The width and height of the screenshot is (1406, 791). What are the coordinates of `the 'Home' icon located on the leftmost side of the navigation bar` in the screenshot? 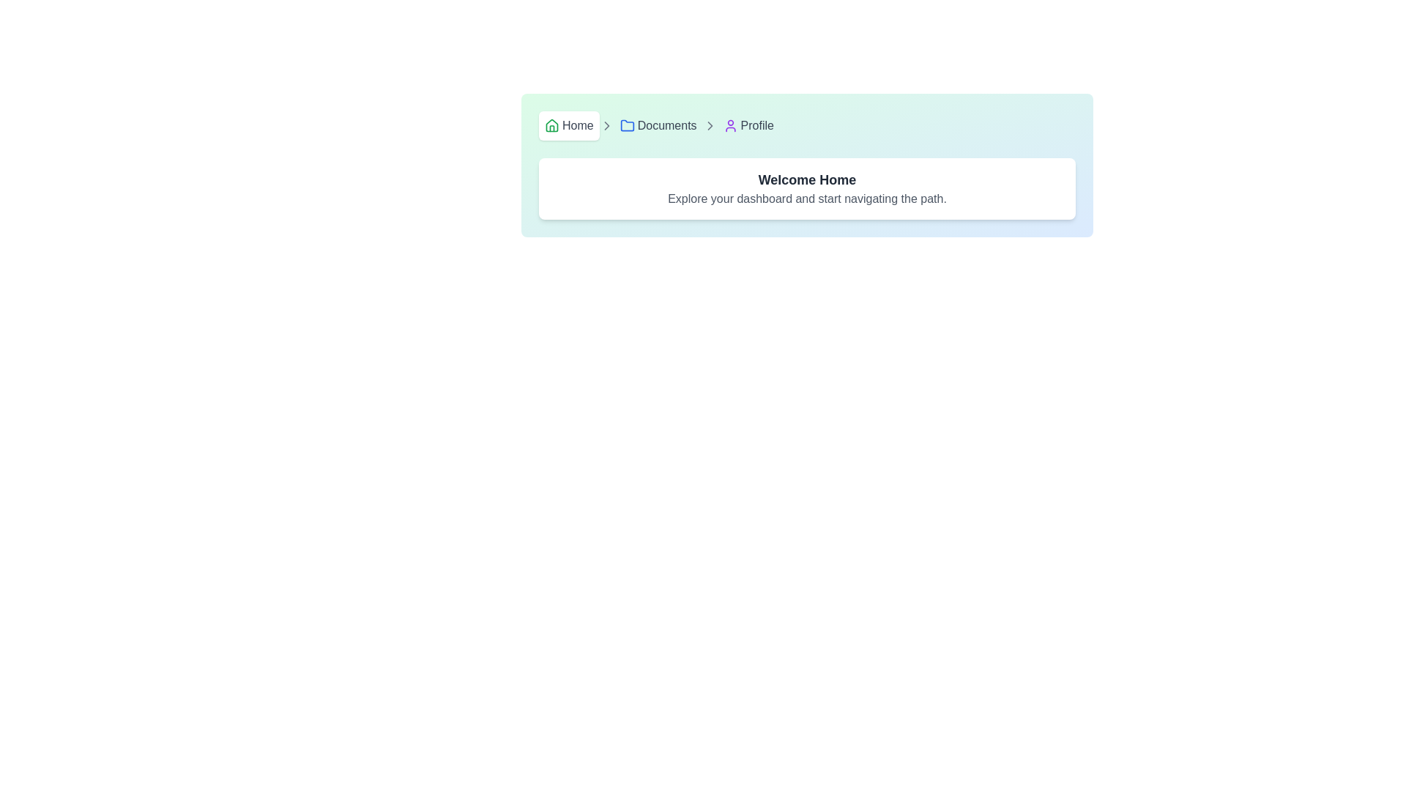 It's located at (551, 125).